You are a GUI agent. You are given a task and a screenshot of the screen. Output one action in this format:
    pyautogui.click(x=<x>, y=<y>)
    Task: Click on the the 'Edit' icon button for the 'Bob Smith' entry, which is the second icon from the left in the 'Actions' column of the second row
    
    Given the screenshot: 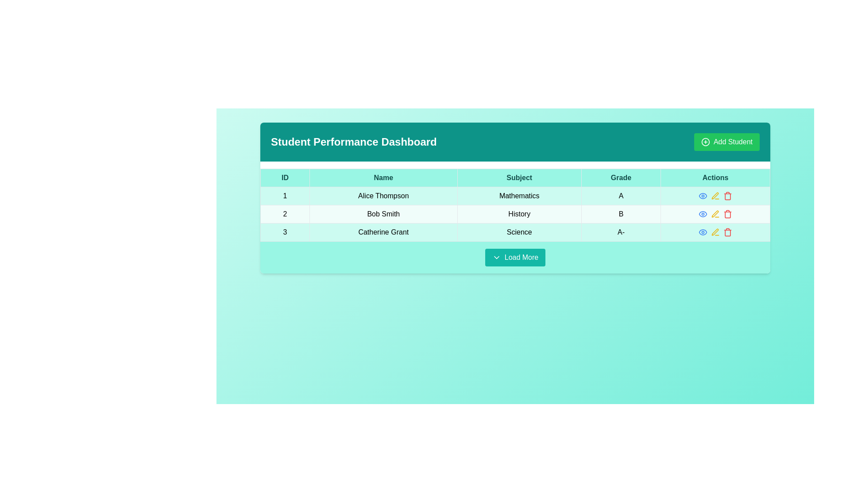 What is the action you would take?
    pyautogui.click(x=715, y=214)
    